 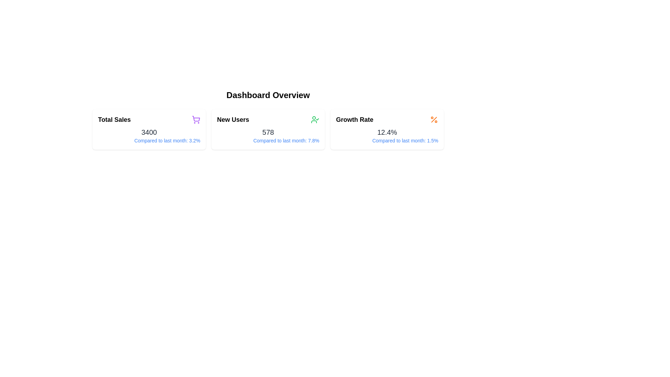 What do you see at coordinates (114, 119) in the screenshot?
I see `the 'Total Sales' text label which serves as a header indicating the data category in the dashboard` at bounding box center [114, 119].